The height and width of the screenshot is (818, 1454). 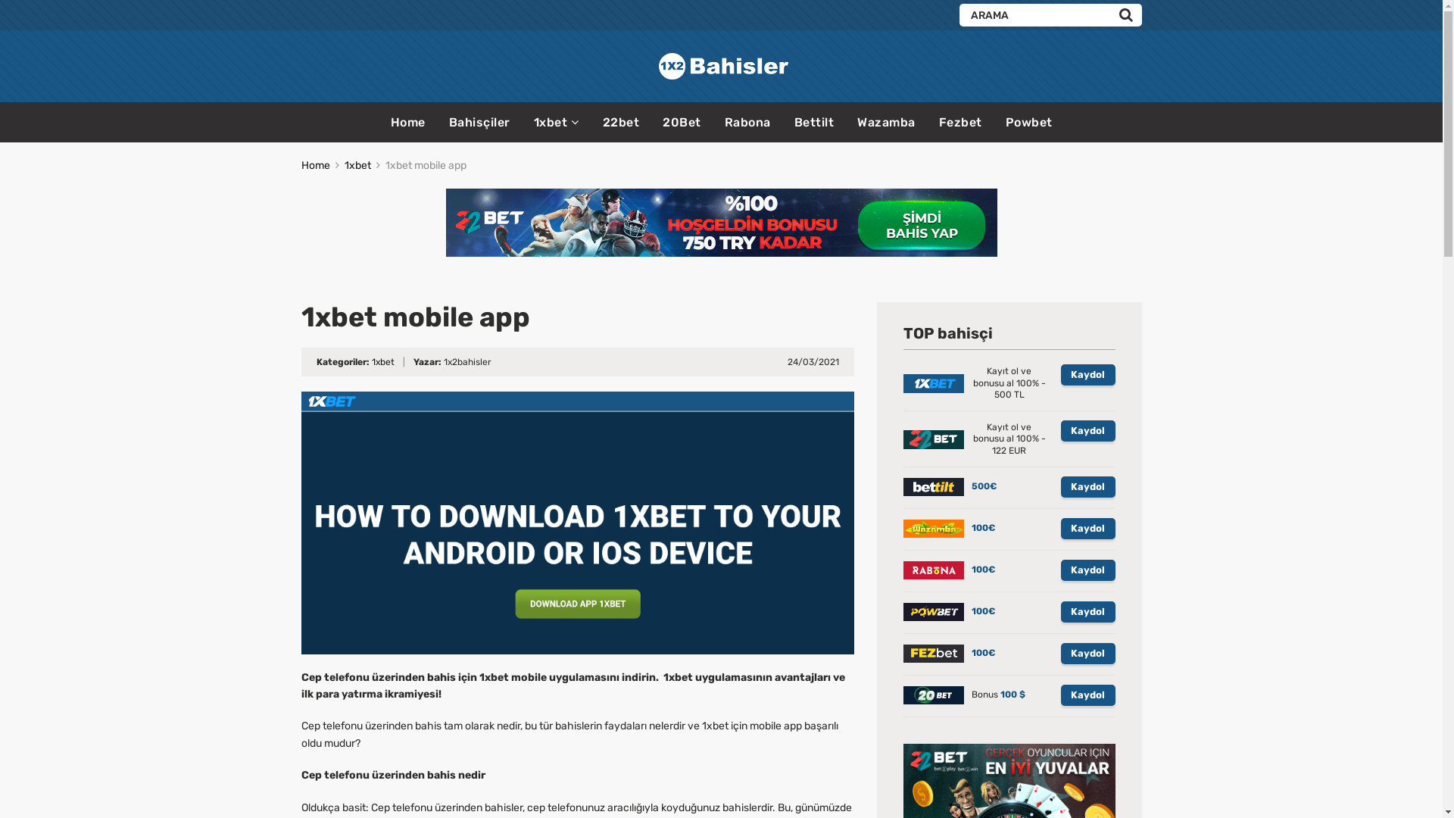 What do you see at coordinates (1086, 528) in the screenshot?
I see `'Kaydol'` at bounding box center [1086, 528].